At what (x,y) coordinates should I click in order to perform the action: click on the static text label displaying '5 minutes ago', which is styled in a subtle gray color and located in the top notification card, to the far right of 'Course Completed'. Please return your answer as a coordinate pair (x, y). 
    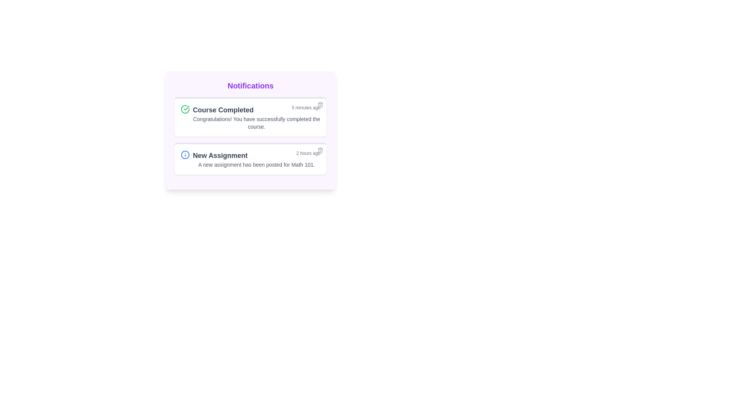
    Looking at the image, I should click on (306, 110).